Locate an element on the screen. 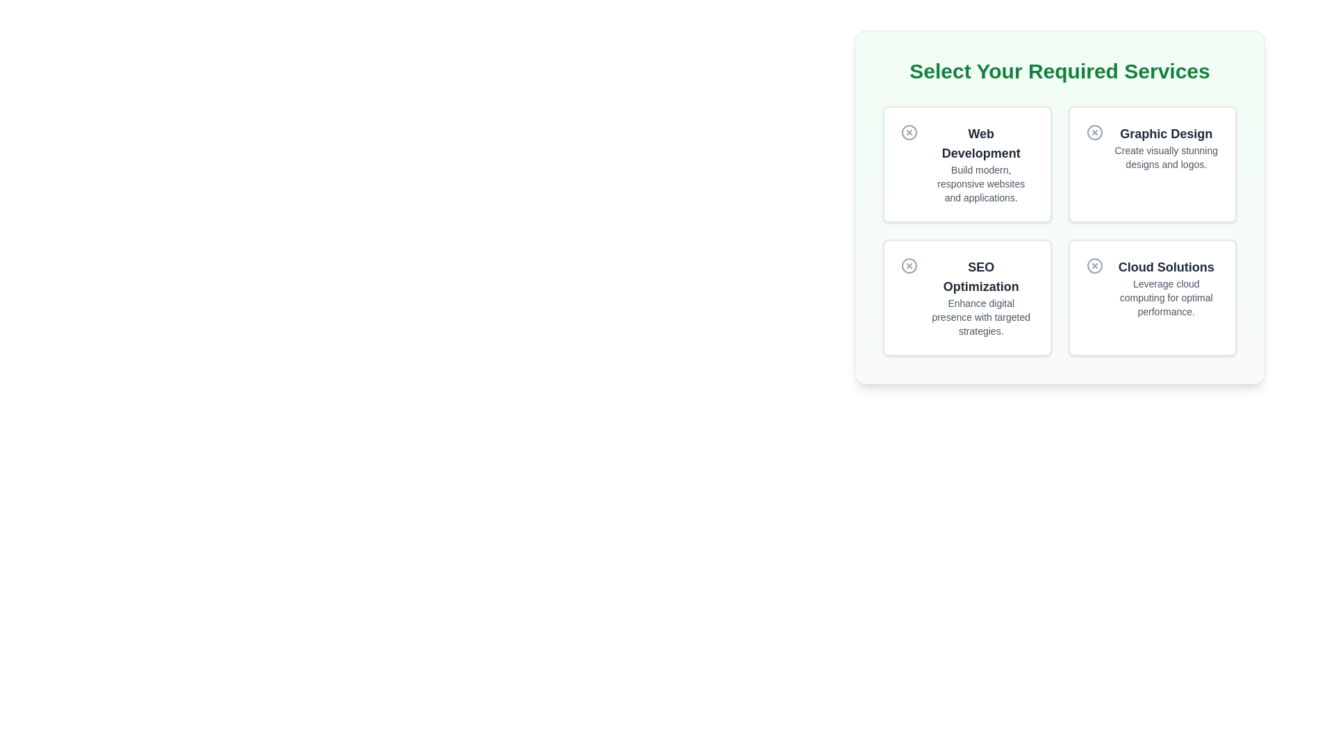 The height and width of the screenshot is (750, 1334). the button with an 'X' icon located in the upper-left corner of the 'SEO Optimization' card in the 'Select Your Required Services' section is located at coordinates (909, 265).